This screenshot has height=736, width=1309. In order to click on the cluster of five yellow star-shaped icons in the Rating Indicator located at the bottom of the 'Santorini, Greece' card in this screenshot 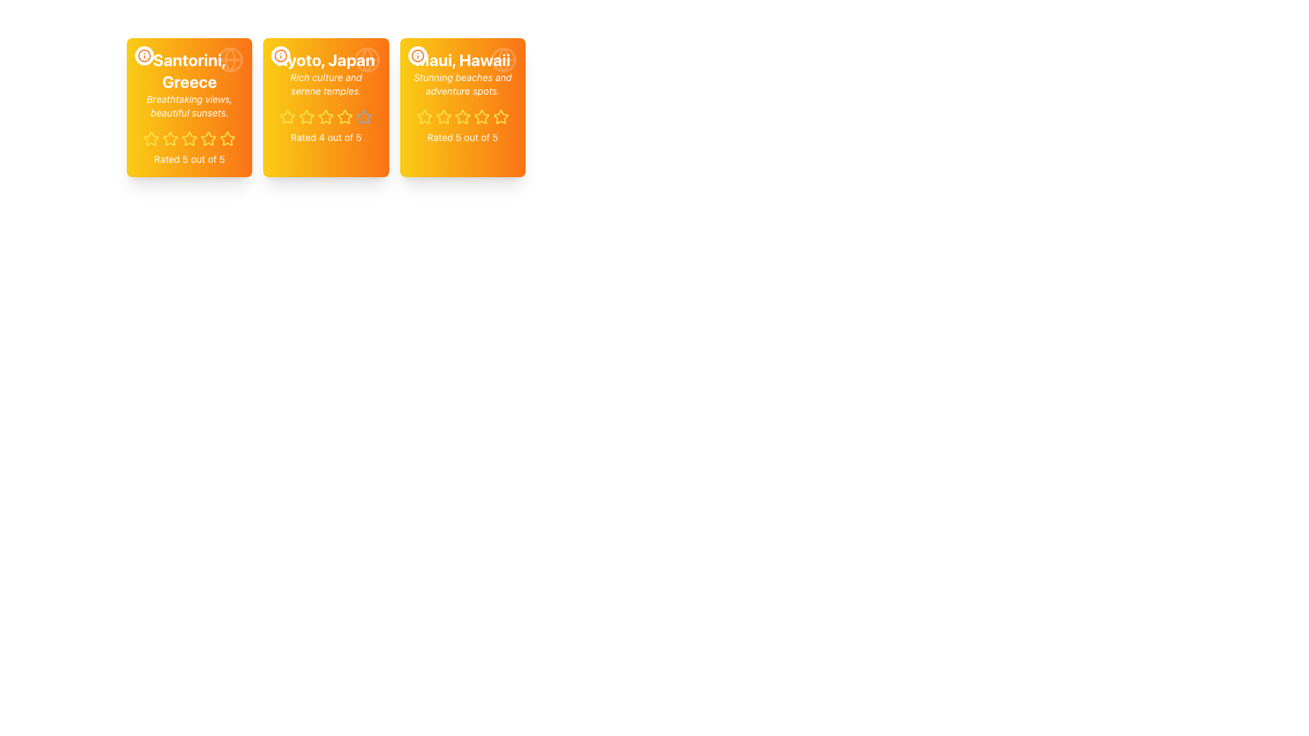, I will do `click(189, 139)`.